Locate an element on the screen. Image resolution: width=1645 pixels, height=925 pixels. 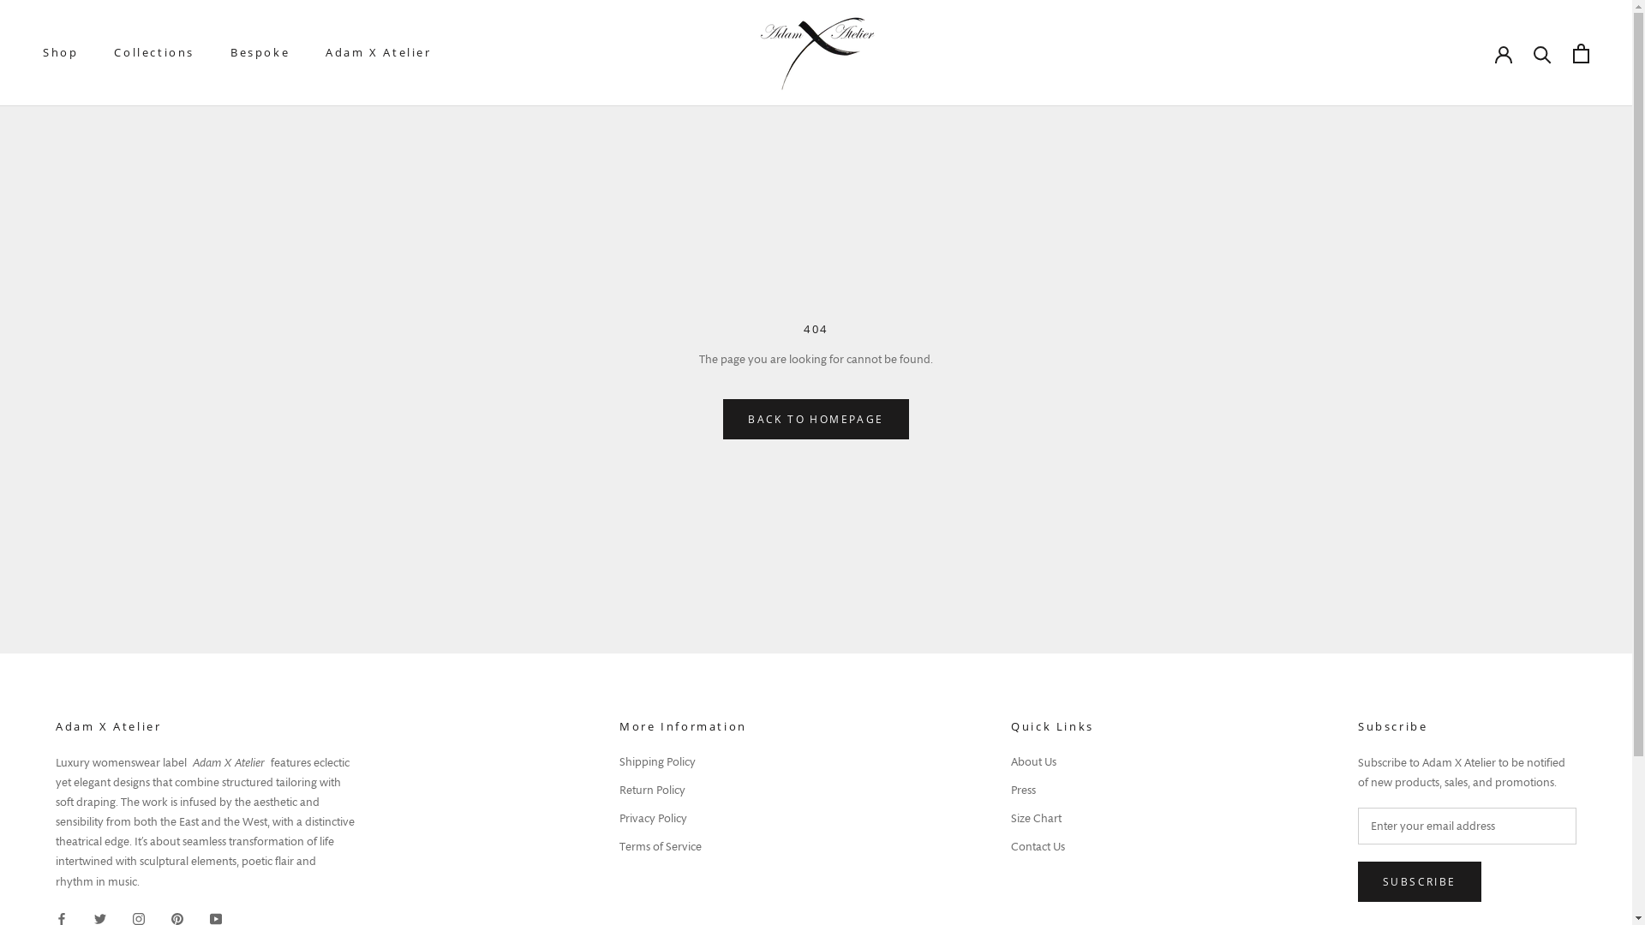
'Terms of Service' is located at coordinates (682, 845).